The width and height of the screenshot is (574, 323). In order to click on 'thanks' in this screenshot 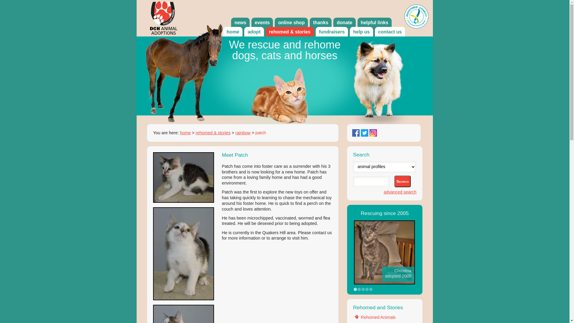, I will do `click(320, 22)`.